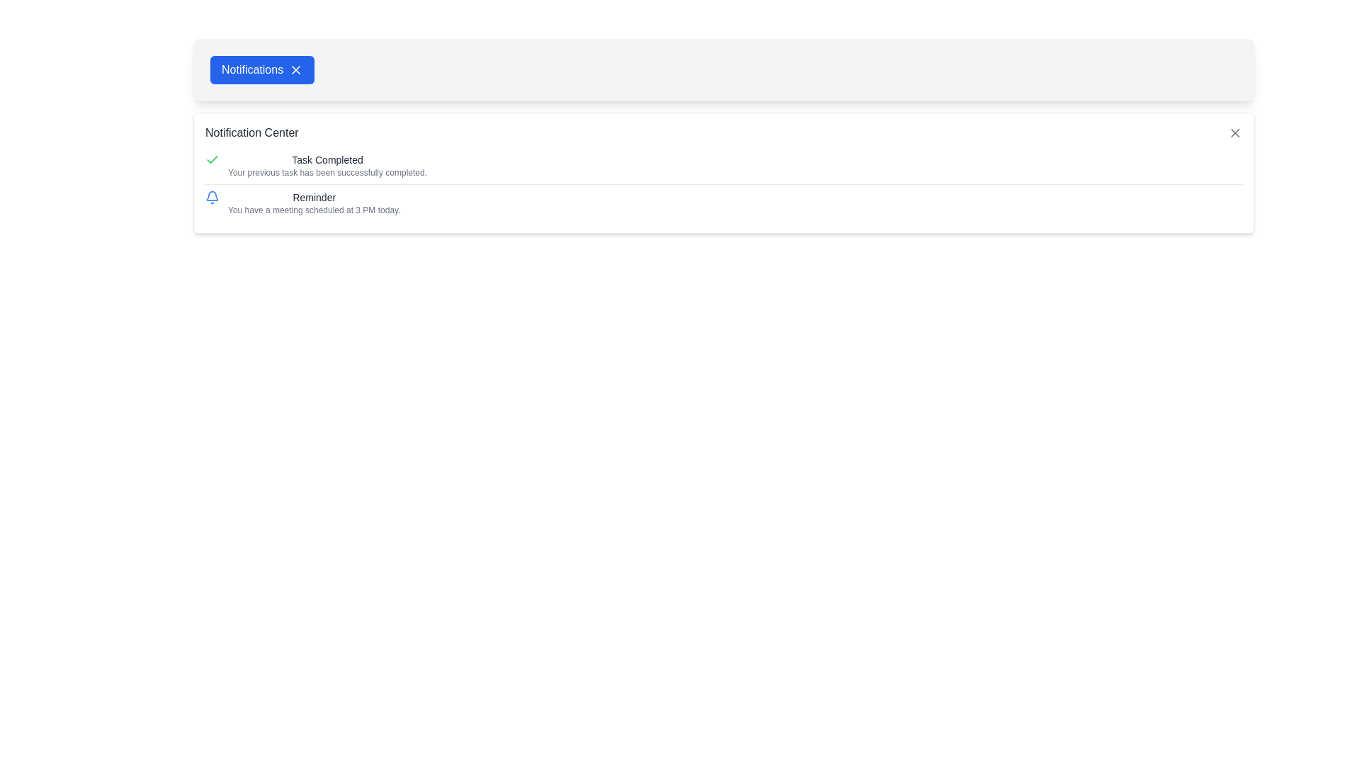 Image resolution: width=1360 pixels, height=765 pixels. I want to click on the 'Notification Center' static text, which is displayed in medium-sized gray font as the first element in the header of the notification interface, so click(251, 133).